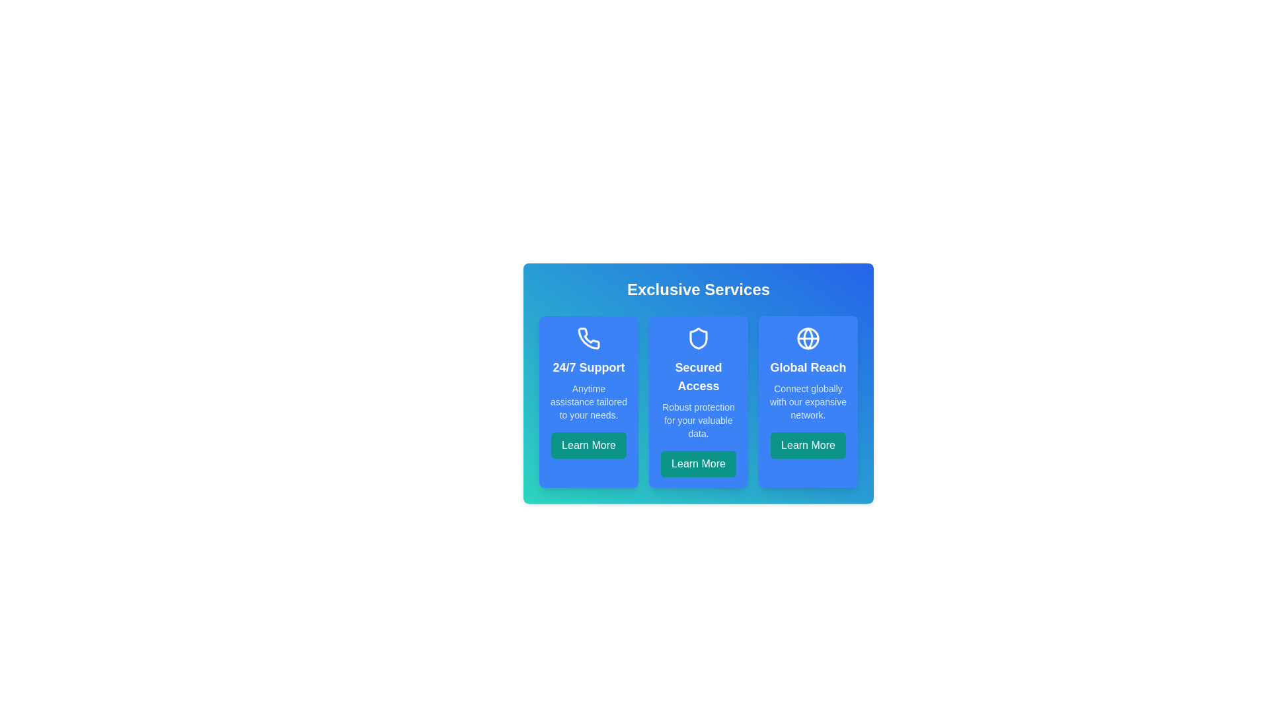 This screenshot has width=1269, height=713. Describe the element at coordinates (808, 446) in the screenshot. I see `the 'Learn More' button for the Global Reach feature` at that location.